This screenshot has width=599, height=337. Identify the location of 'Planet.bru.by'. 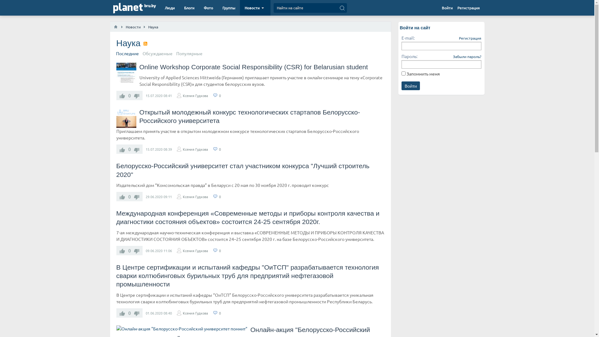
(127, 8).